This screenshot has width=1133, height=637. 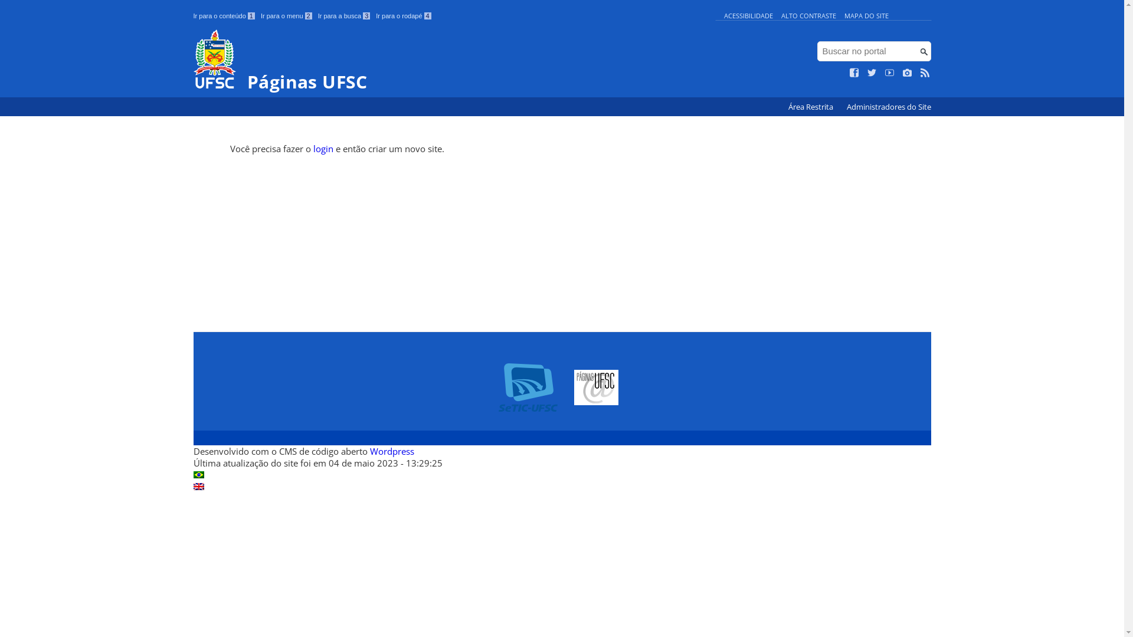 What do you see at coordinates (747, 15) in the screenshot?
I see `'ACESSIBILIDADE'` at bounding box center [747, 15].